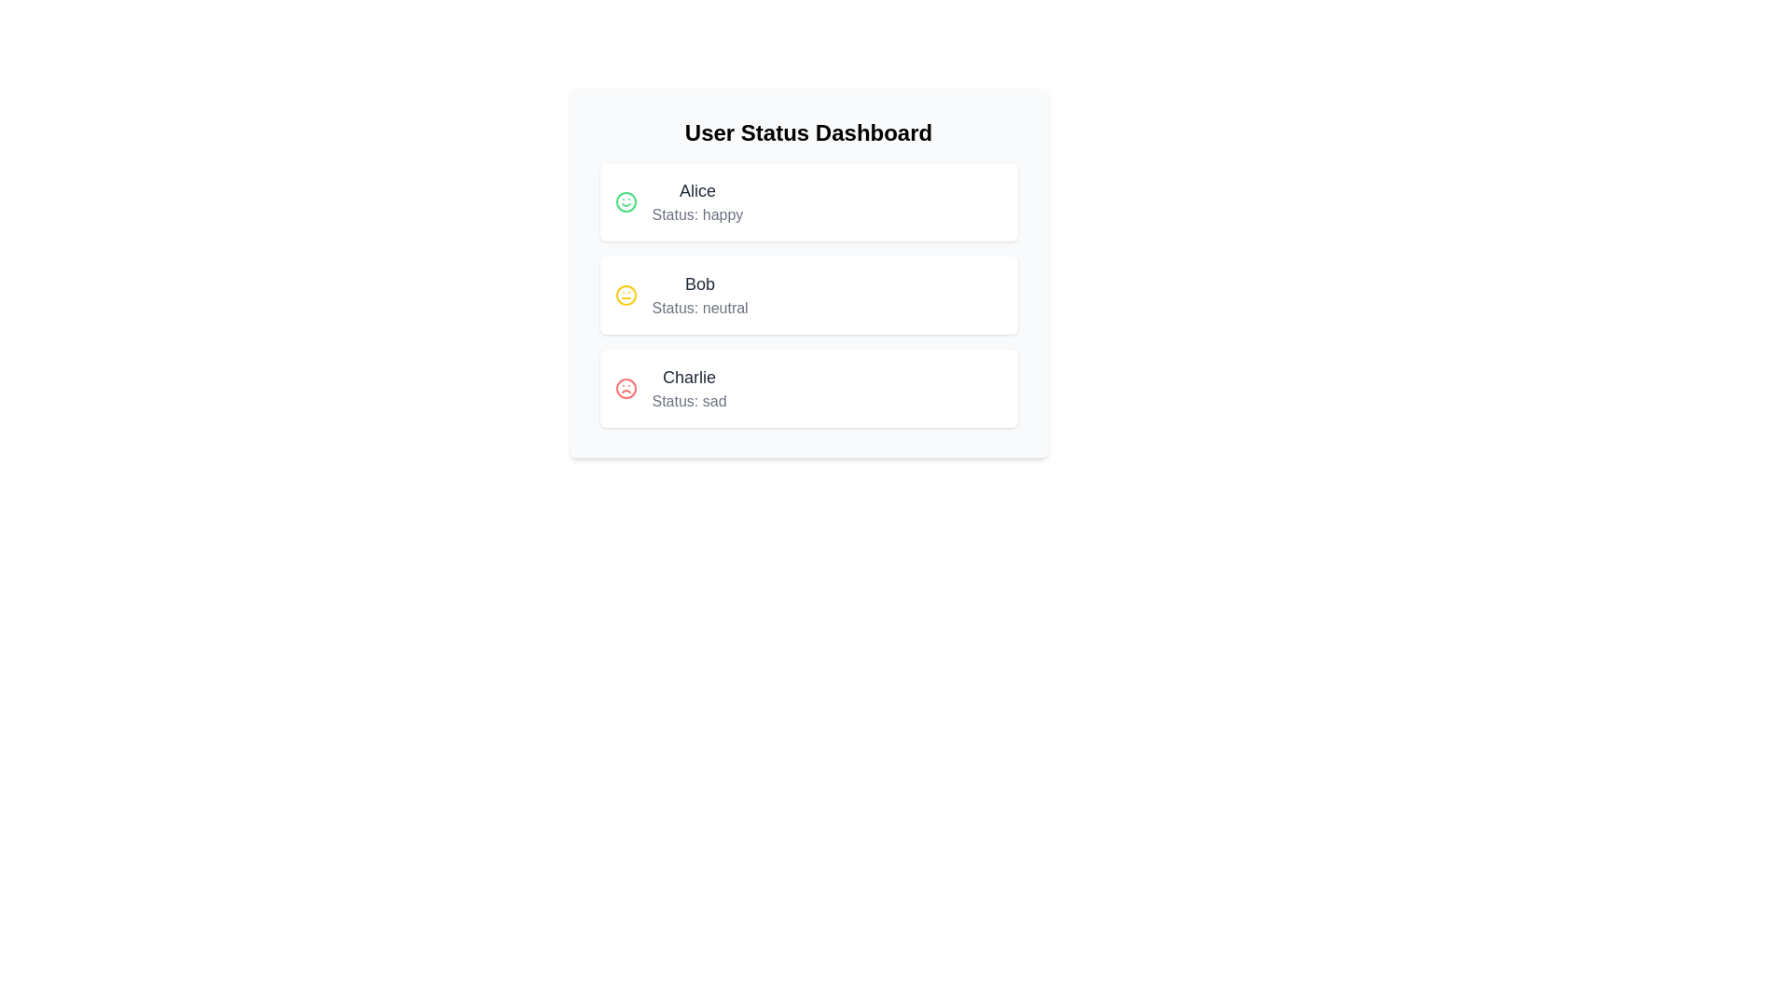  What do you see at coordinates (626, 294) in the screenshot?
I see `the SVG circle element representing a neutral status in the second user status card by moving the mouse to its center point` at bounding box center [626, 294].